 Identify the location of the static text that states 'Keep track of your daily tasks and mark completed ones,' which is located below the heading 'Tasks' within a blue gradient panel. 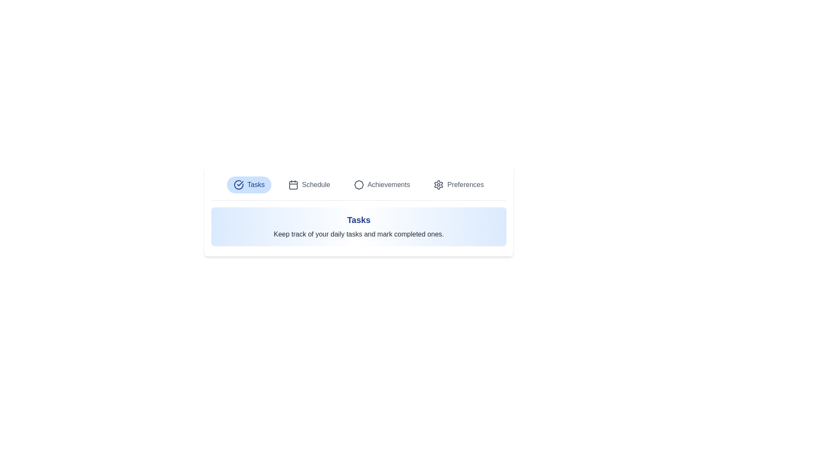
(359, 234).